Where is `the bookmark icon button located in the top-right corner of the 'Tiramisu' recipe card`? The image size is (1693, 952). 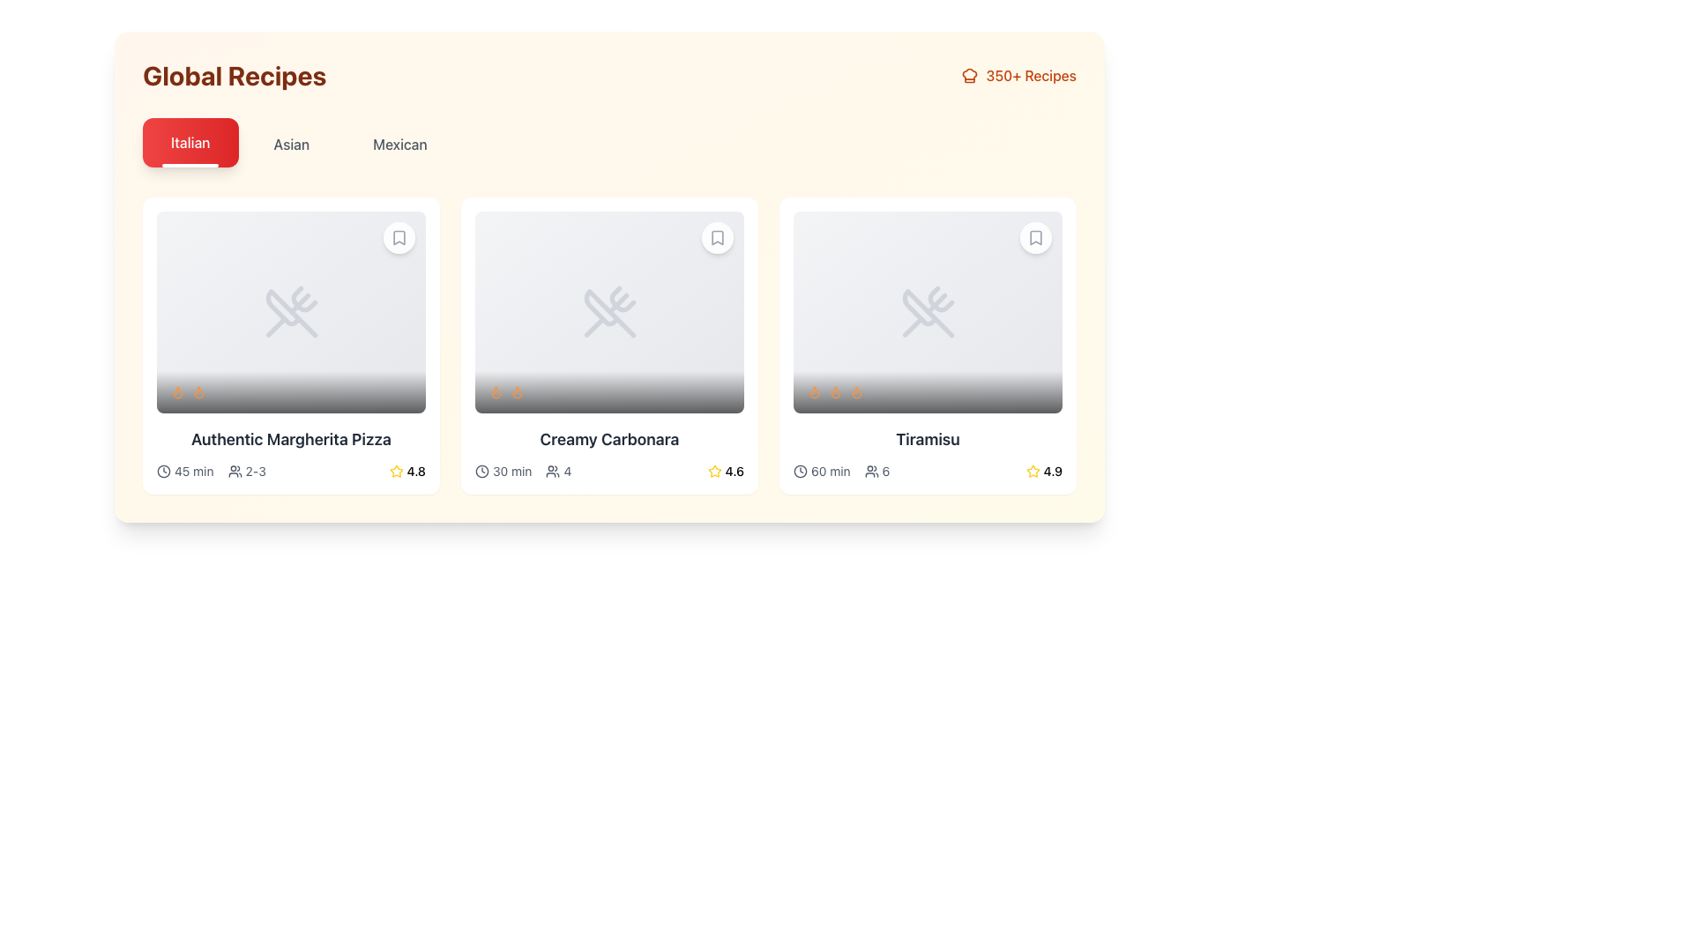 the bookmark icon button located in the top-right corner of the 'Tiramisu' recipe card is located at coordinates (1036, 238).